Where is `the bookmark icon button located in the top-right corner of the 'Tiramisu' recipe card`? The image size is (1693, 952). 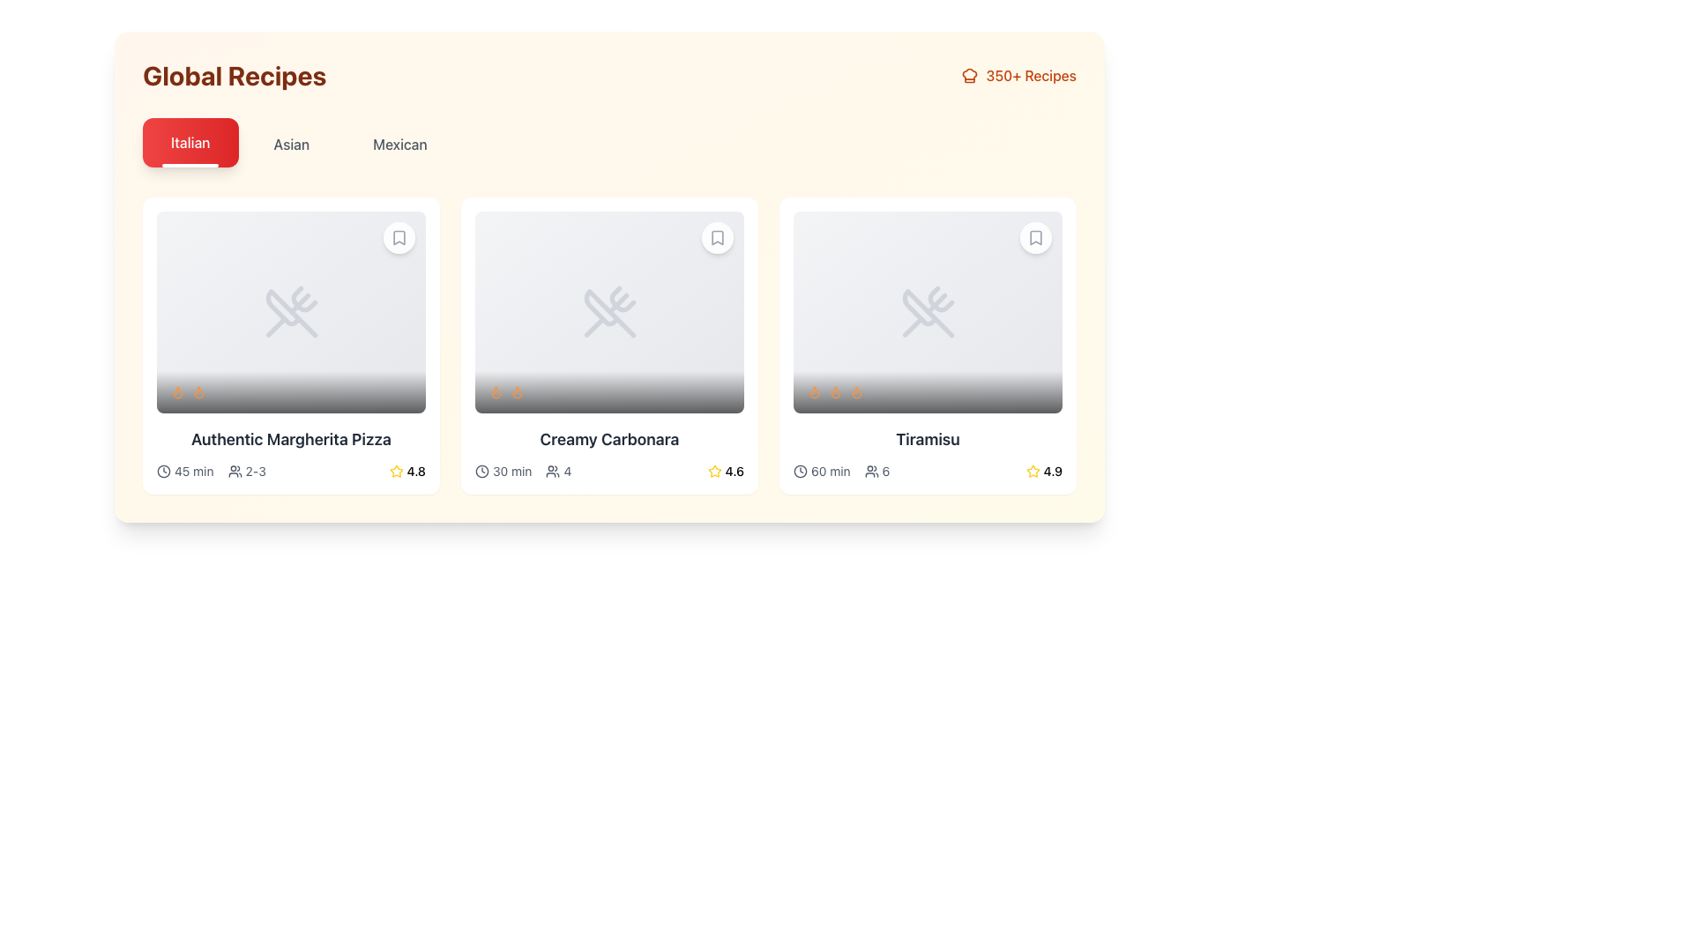 the bookmark icon button located in the top-right corner of the 'Tiramisu' recipe card is located at coordinates (1036, 238).